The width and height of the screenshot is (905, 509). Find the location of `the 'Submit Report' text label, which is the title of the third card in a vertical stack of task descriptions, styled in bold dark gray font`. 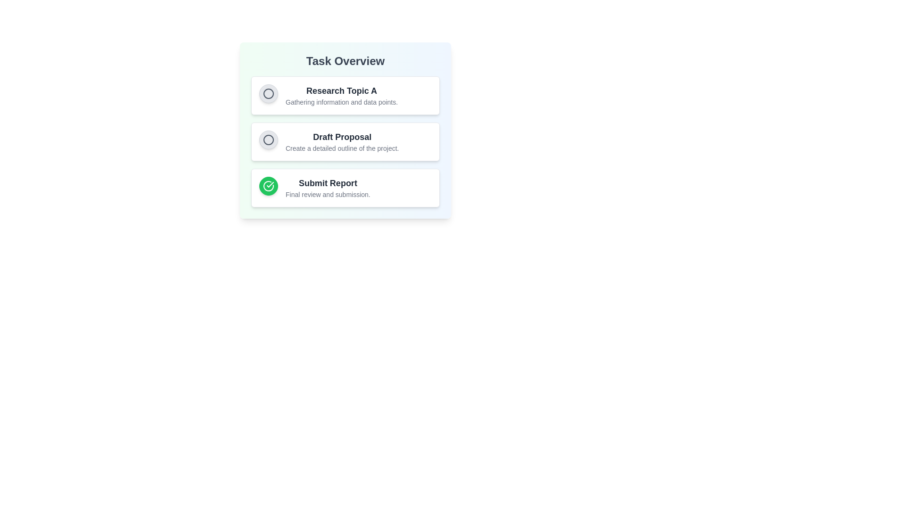

the 'Submit Report' text label, which is the title of the third card in a vertical stack of task descriptions, styled in bold dark gray font is located at coordinates (328, 183).